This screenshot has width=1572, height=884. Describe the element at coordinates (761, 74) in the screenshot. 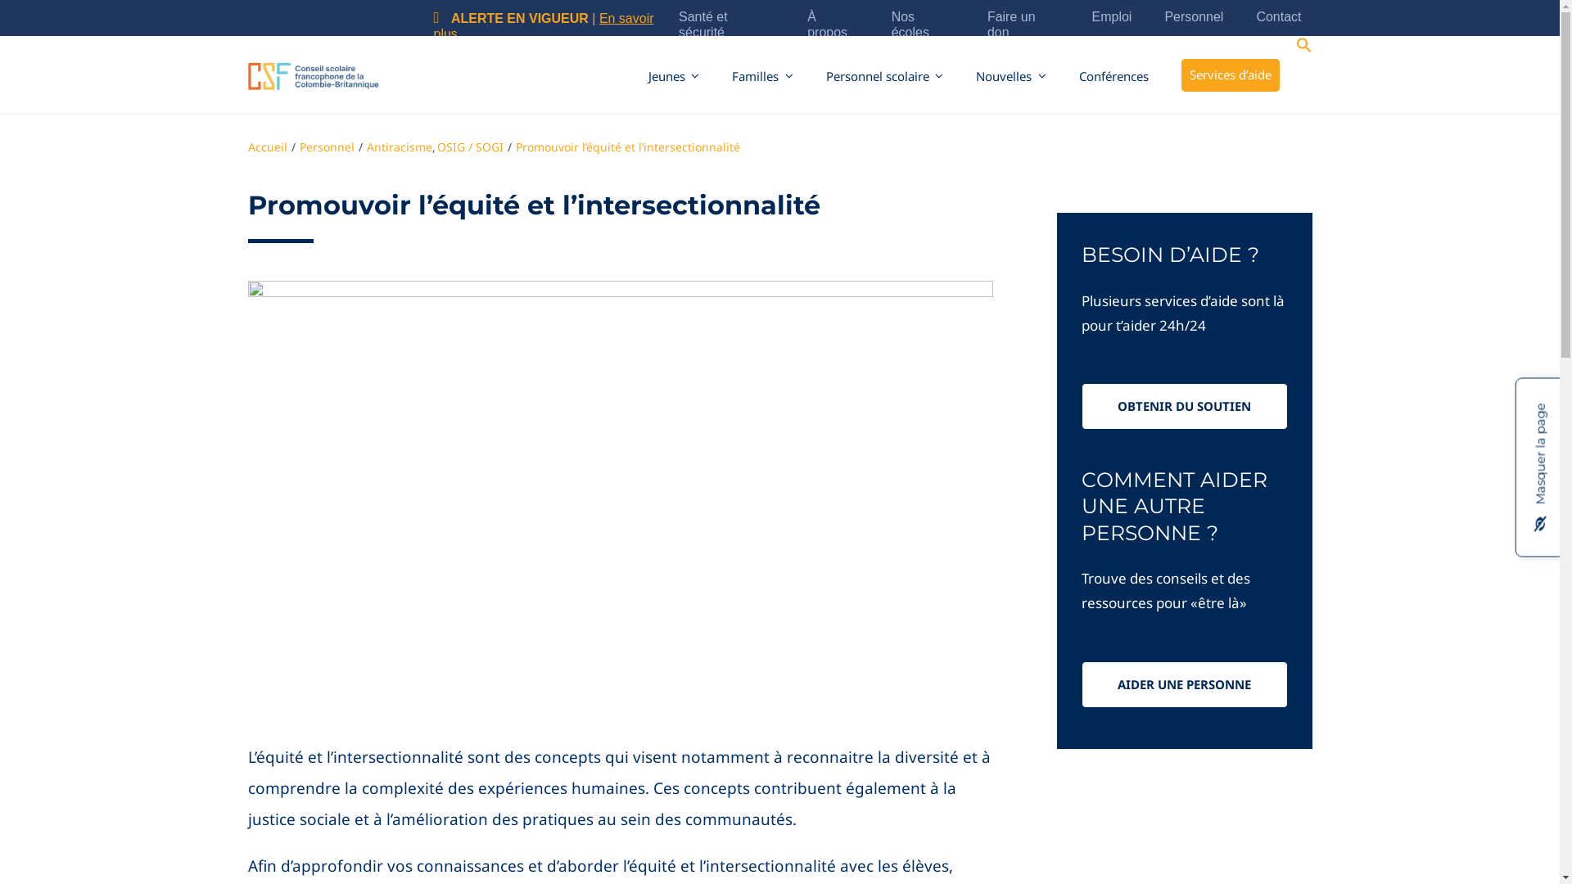

I see `'Familles'` at that location.